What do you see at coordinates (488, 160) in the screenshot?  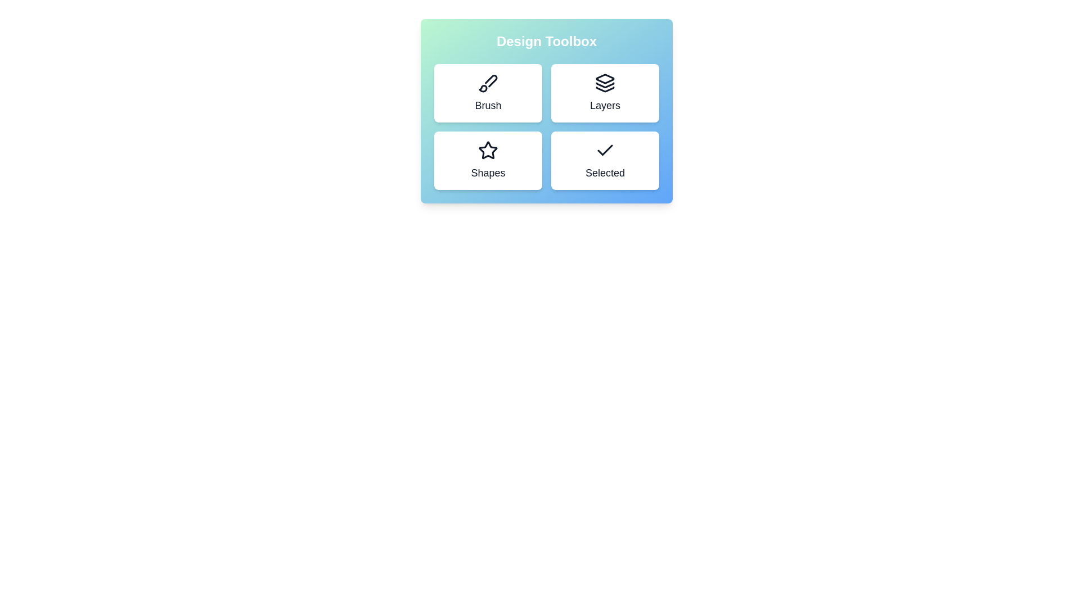 I see `the button labeled Shapes to select or deselect it` at bounding box center [488, 160].